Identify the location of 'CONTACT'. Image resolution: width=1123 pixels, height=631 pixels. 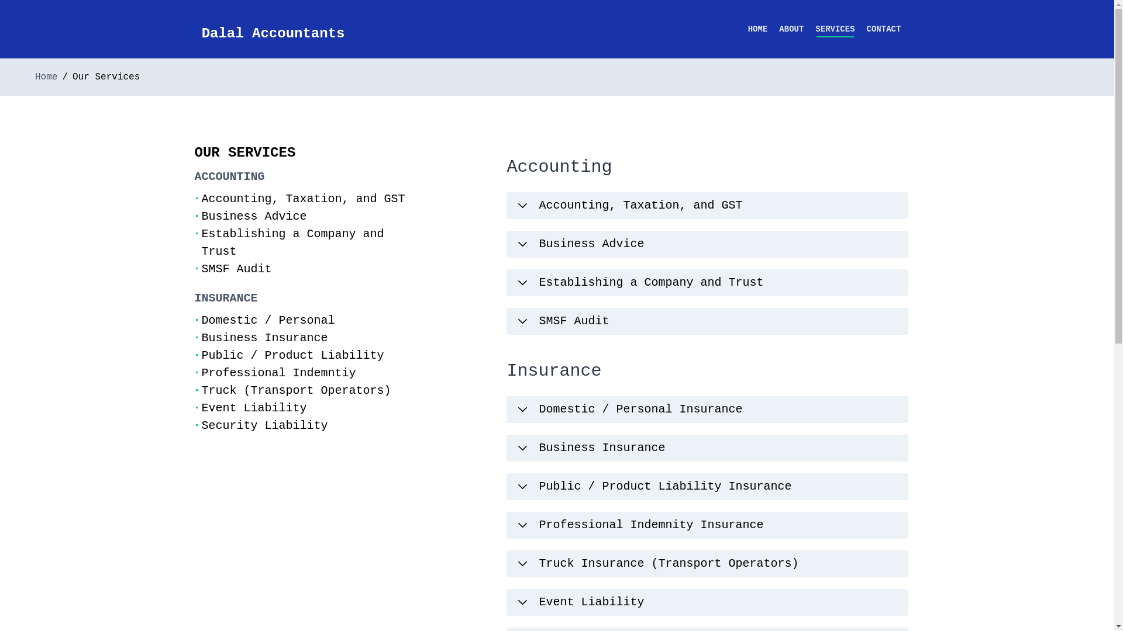
(867, 29).